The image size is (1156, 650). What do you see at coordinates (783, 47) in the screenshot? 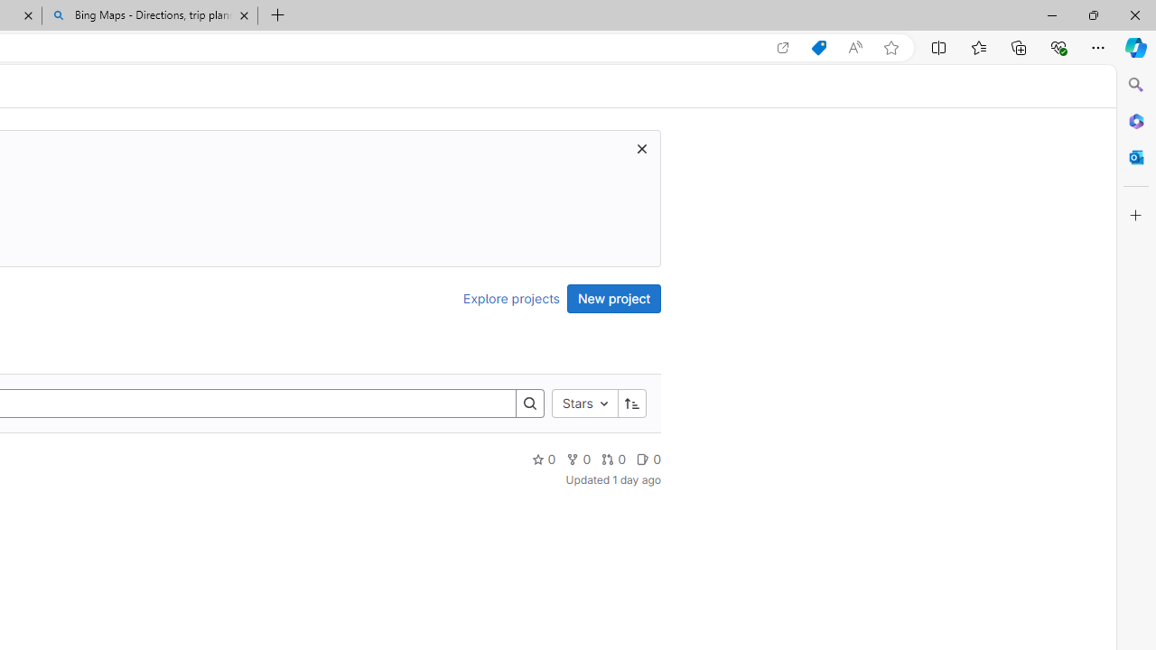
I see `'Open in app'` at bounding box center [783, 47].